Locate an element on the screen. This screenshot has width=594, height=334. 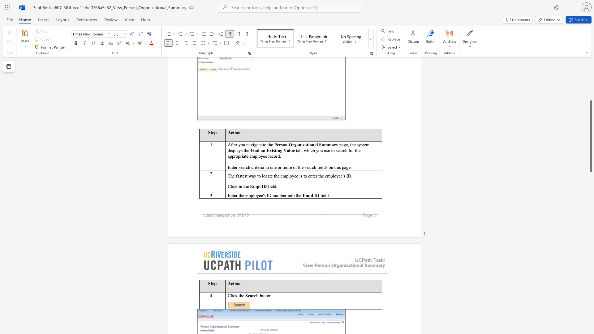
the subset text "Enter the employee" within the text "Enter the employee" is located at coordinates (227, 195).